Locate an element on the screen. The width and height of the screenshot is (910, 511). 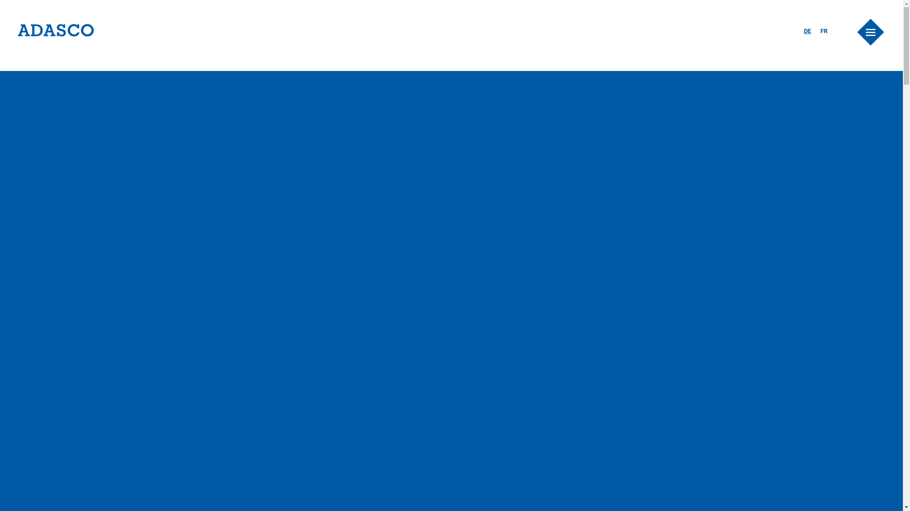
'FR' is located at coordinates (820, 30).